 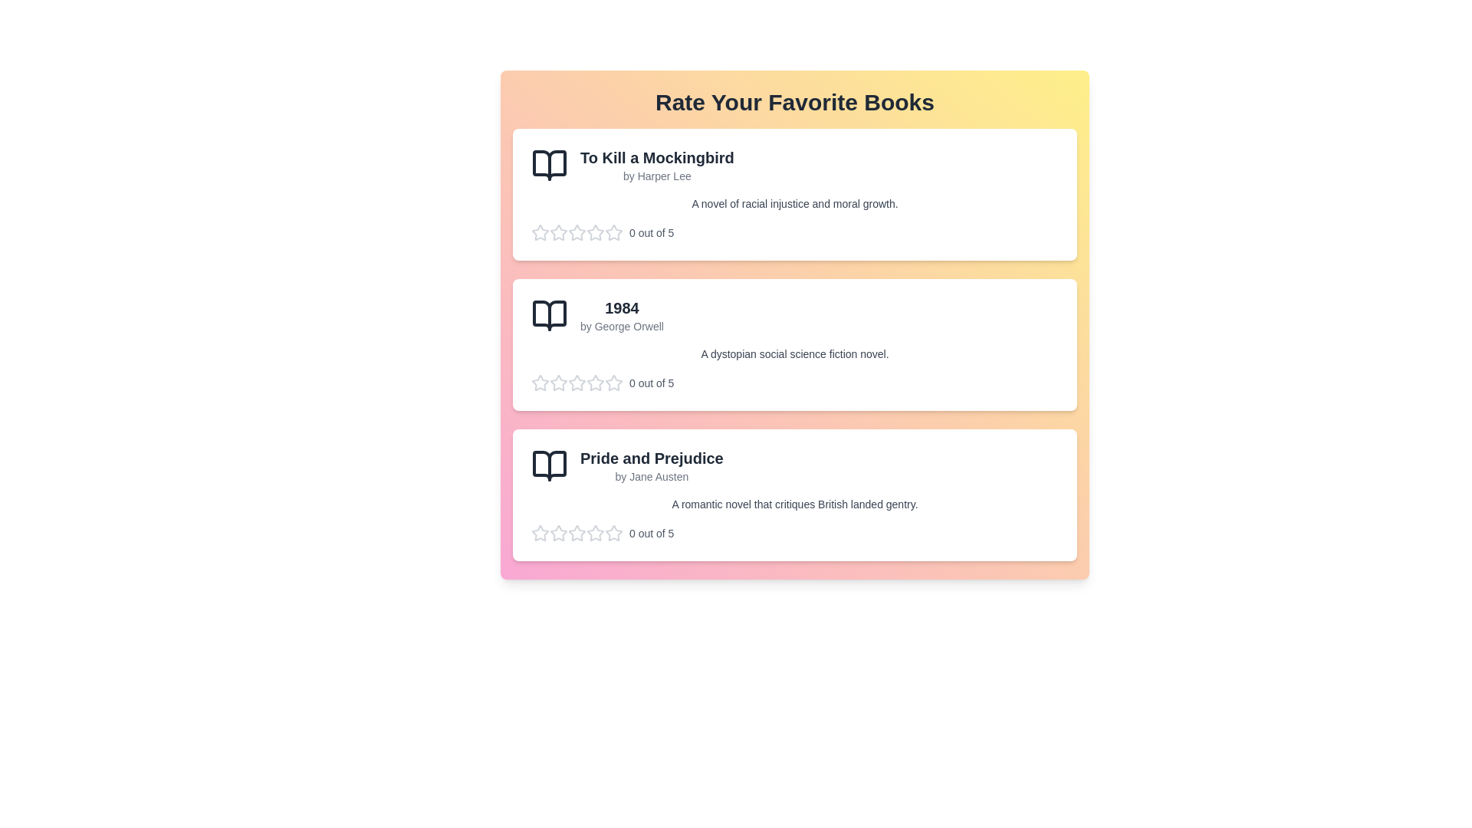 I want to click on the fourth star icon in the rating system below the book title '1984' by George Orwell, so click(x=577, y=383).